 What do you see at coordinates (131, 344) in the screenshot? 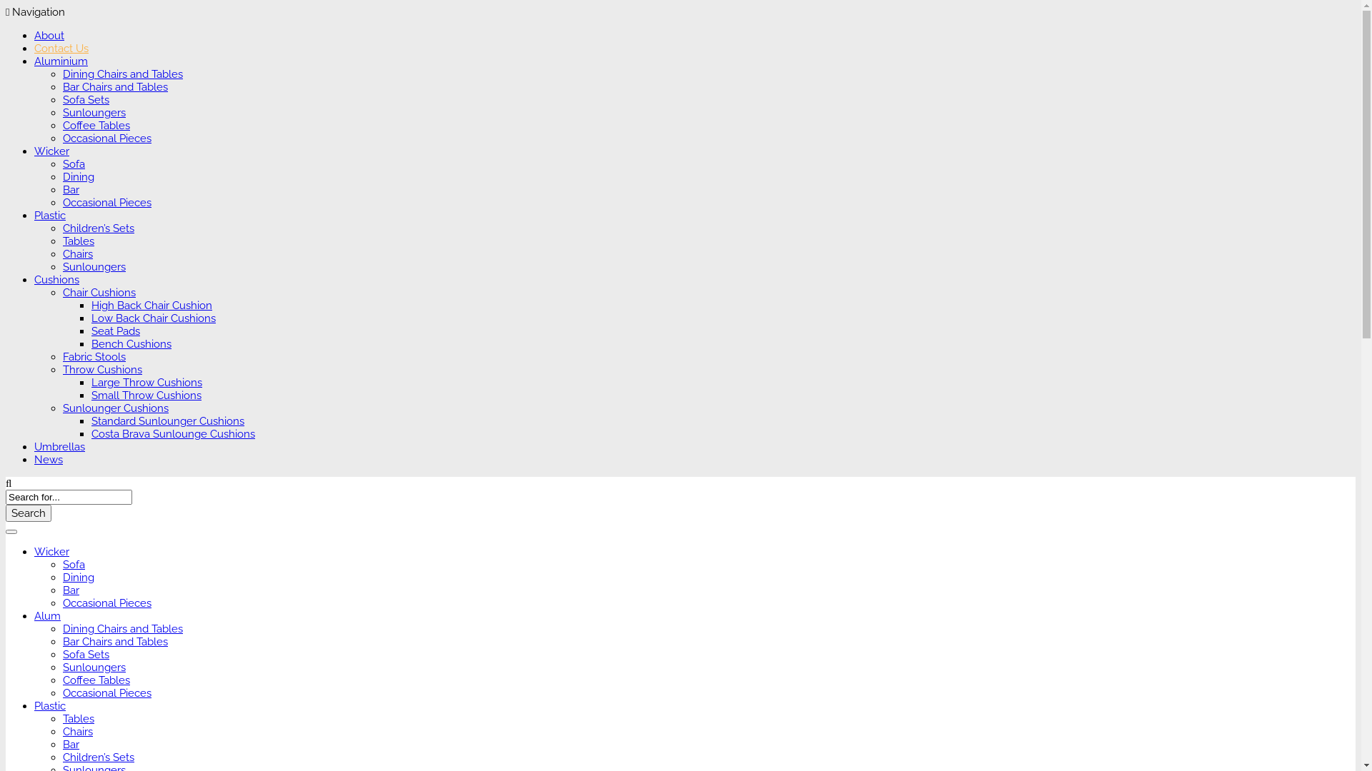
I see `'Bench Cushions'` at bounding box center [131, 344].